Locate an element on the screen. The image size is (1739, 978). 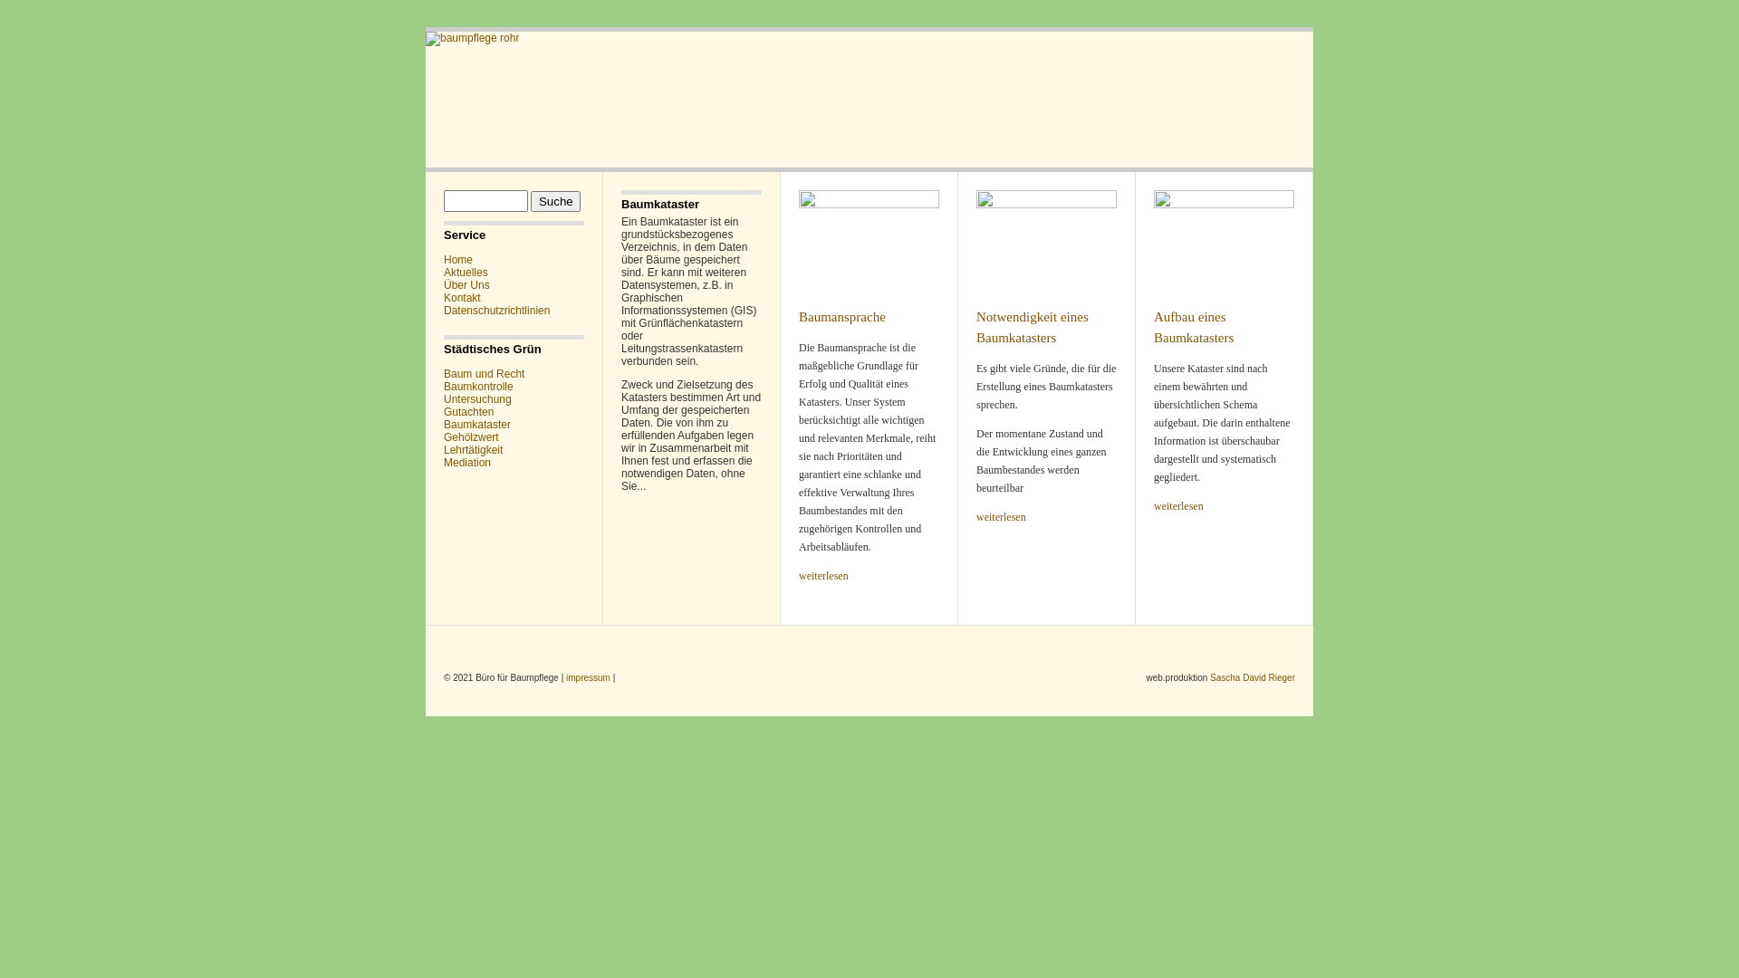
'Untersuchung' is located at coordinates (443, 398).